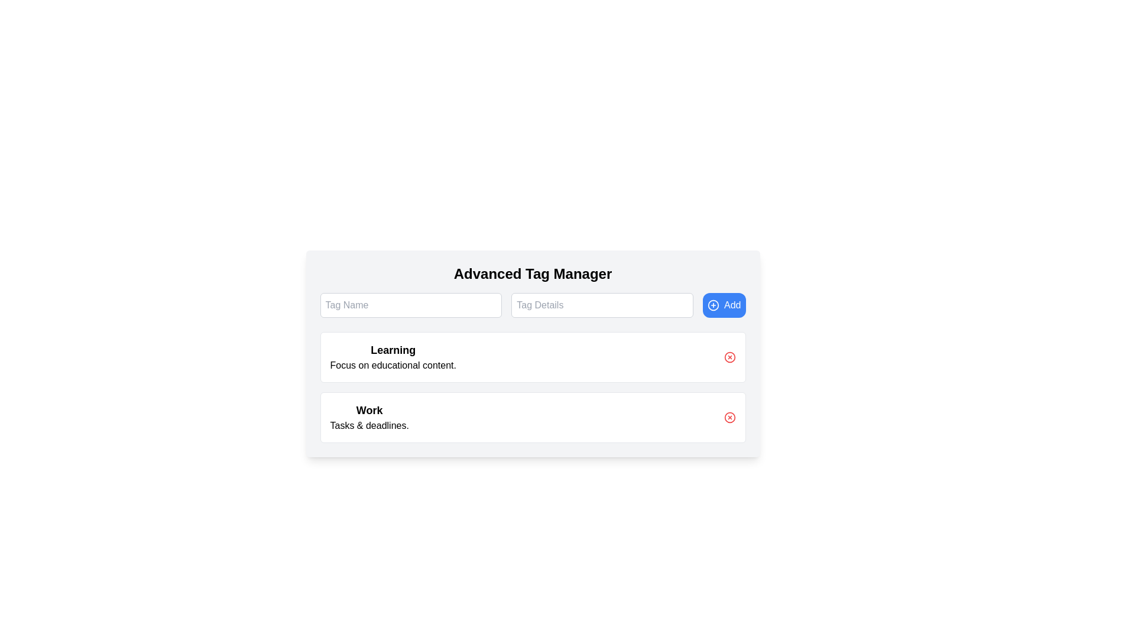 This screenshot has width=1135, height=638. Describe the element at coordinates (369, 416) in the screenshot. I see `the text label that displays 'Work' and 'Tasks & deadlines.' located within the second section under 'Advanced Tag Manager', below the 'Learning' box` at that location.